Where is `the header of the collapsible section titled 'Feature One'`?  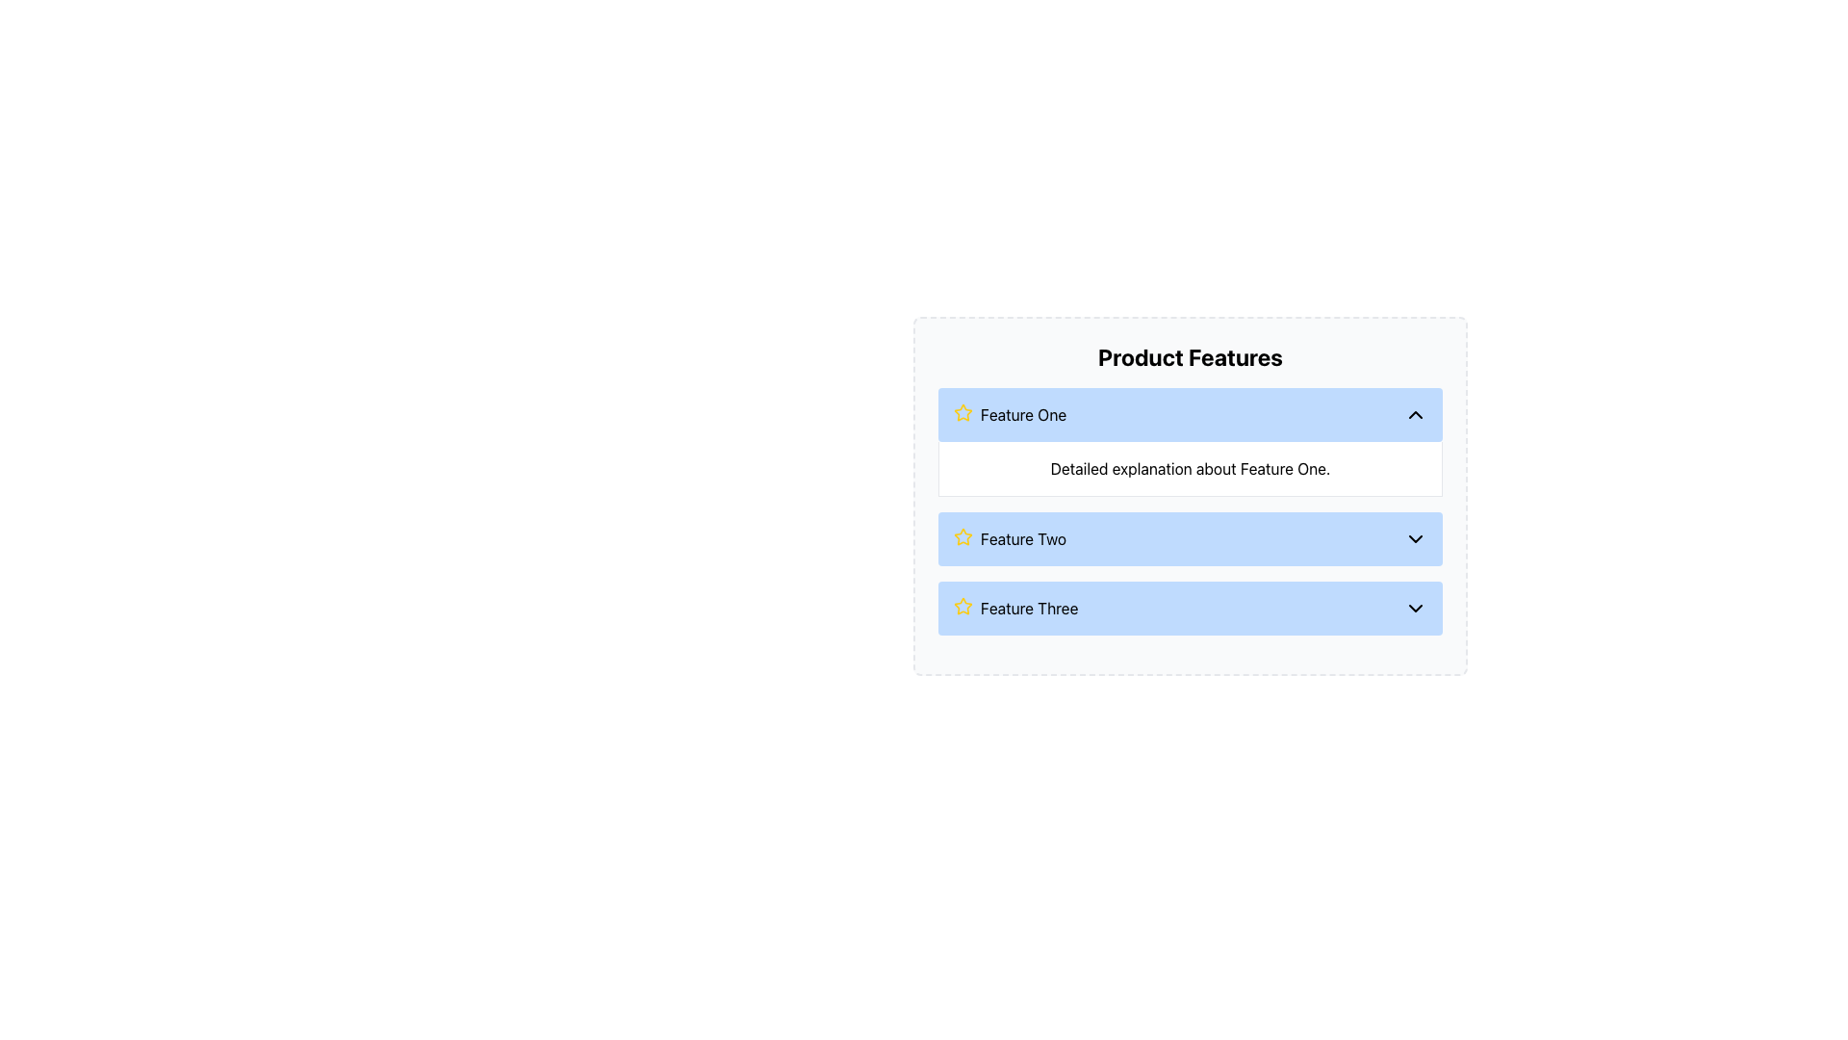
the header of the collapsible section titled 'Feature One' is located at coordinates (1190, 442).